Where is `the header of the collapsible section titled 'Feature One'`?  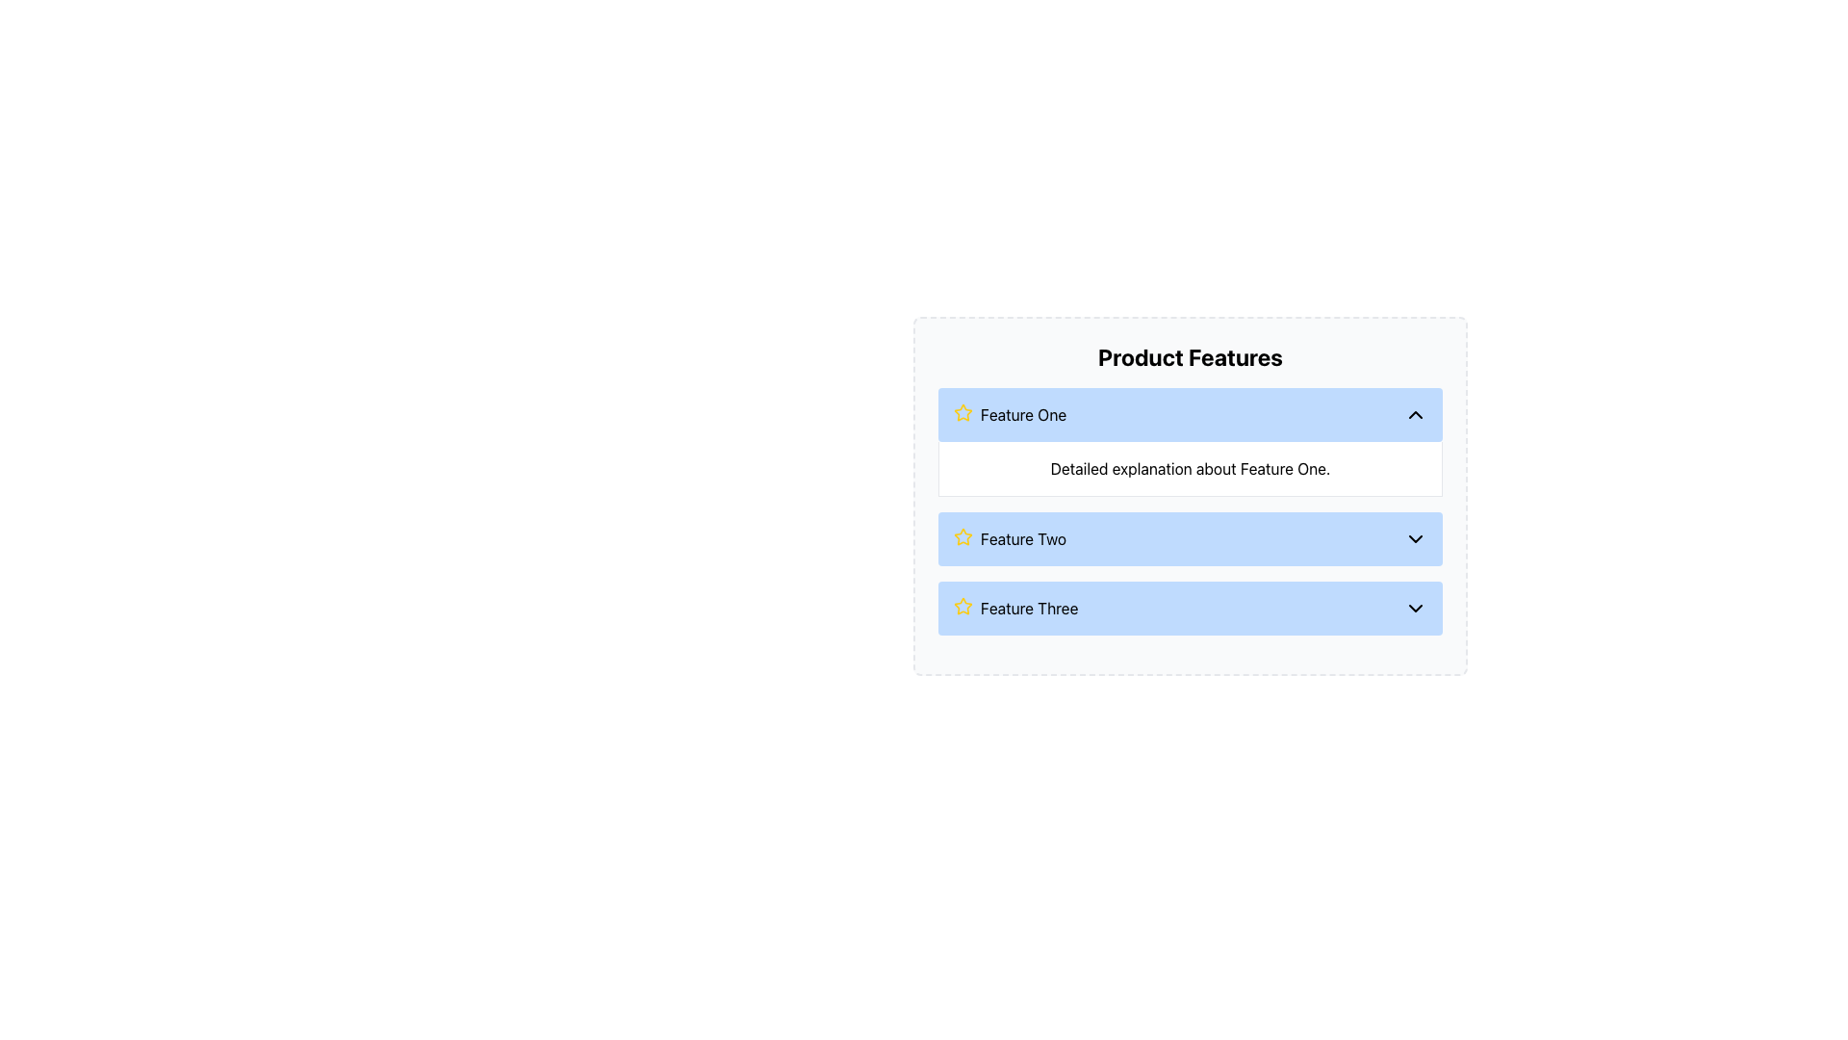
the header of the collapsible section titled 'Feature One' is located at coordinates (1190, 442).